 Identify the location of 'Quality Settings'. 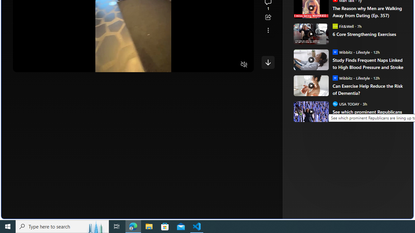
(205, 65).